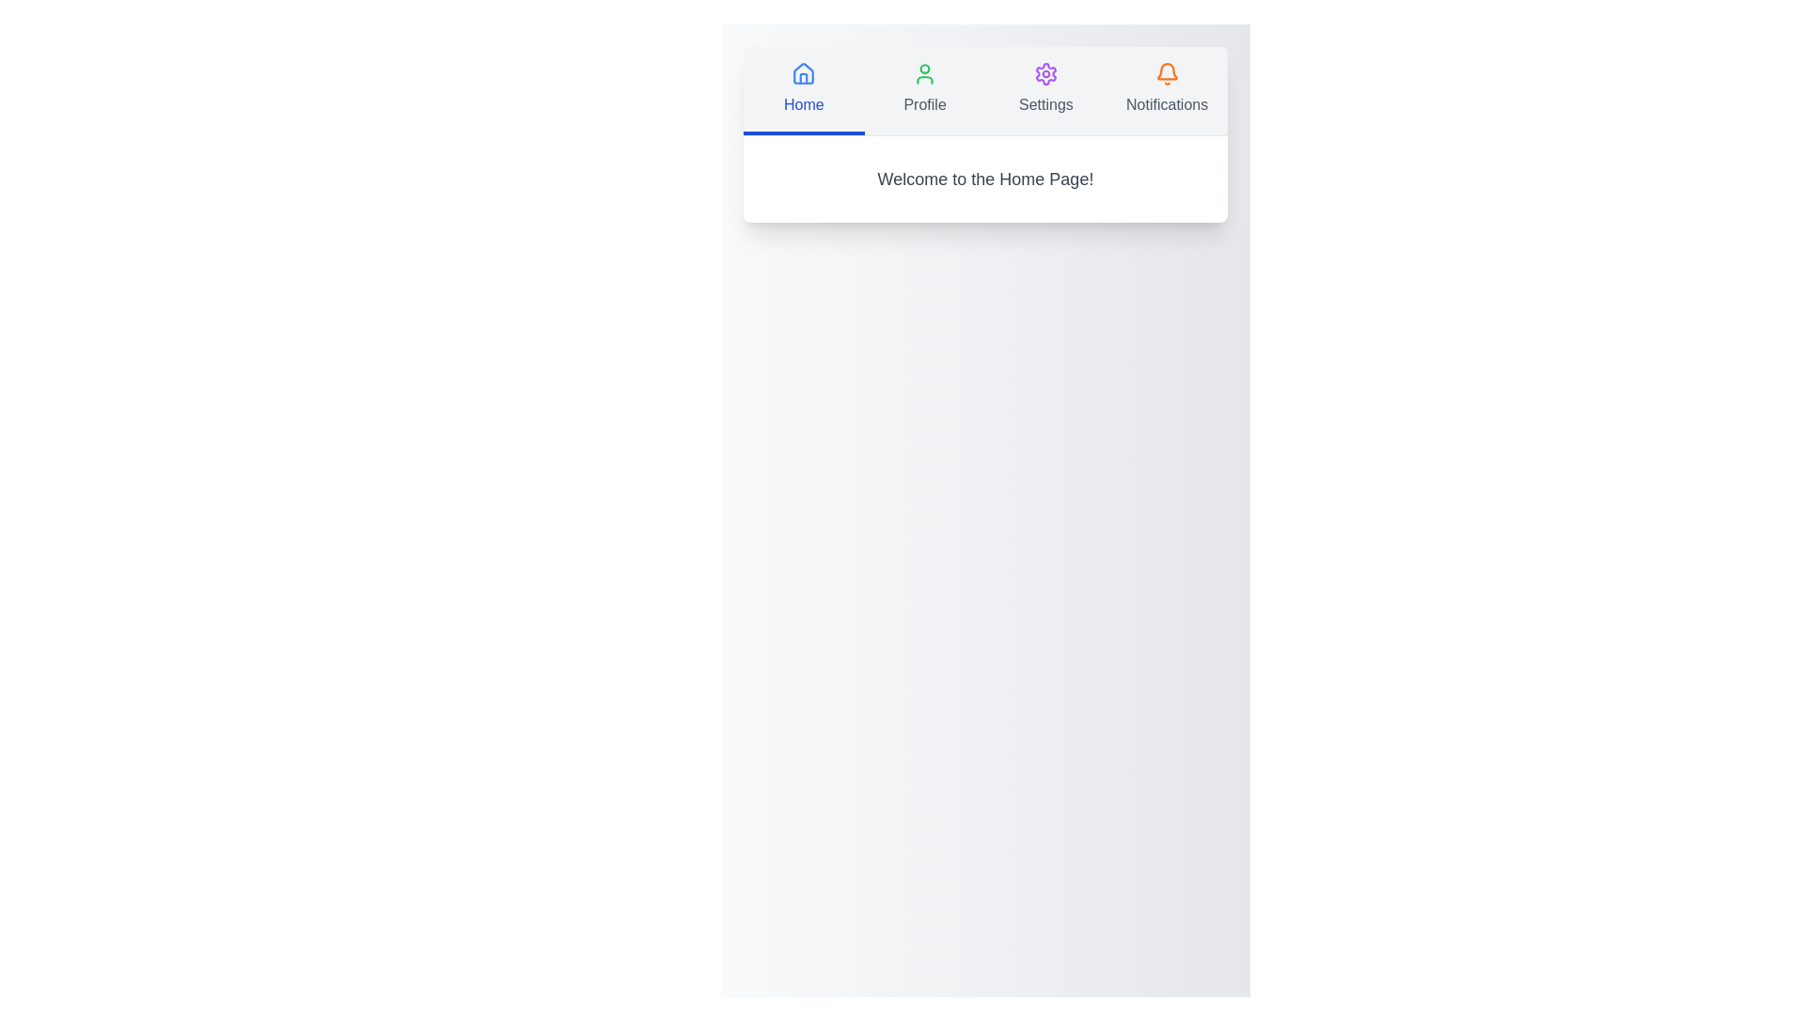 The width and height of the screenshot is (1805, 1015). I want to click on the Home tab, so click(804, 90).